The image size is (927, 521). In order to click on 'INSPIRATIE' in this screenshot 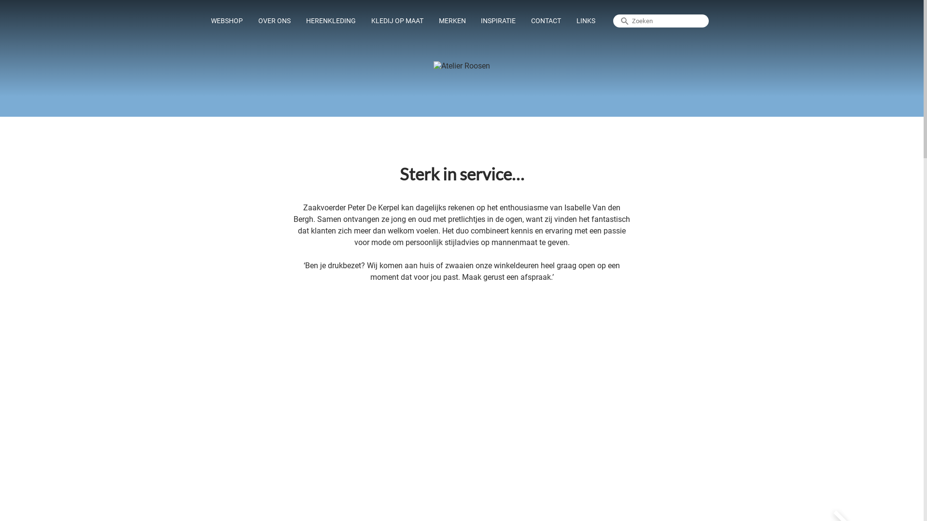, I will do `click(475, 21)`.